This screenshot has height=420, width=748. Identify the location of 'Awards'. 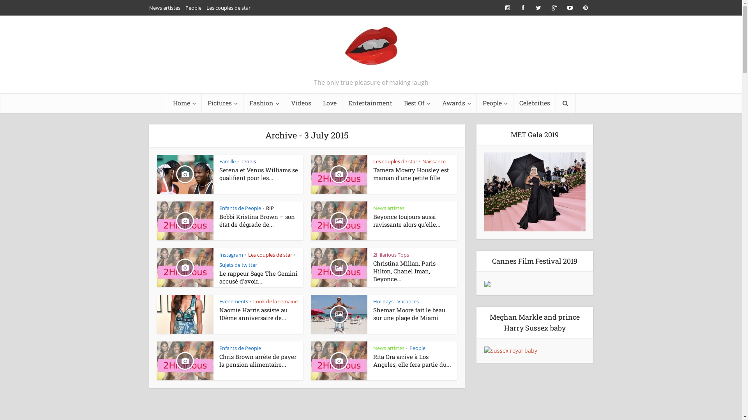
(456, 103).